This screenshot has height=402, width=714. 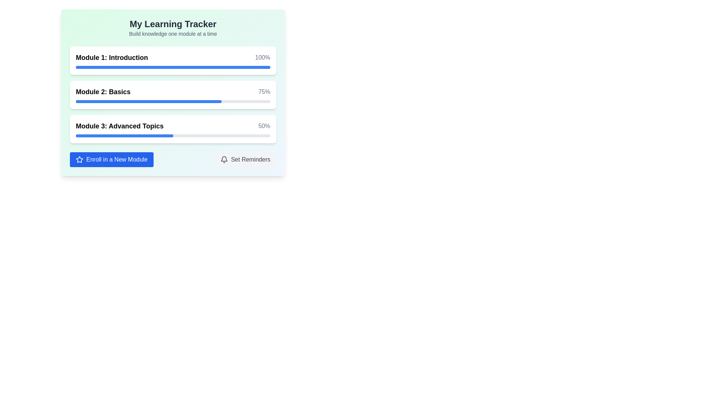 I want to click on text content of the bold text label displaying 'Module 1: Introduction' located in the header section of the first module in 'My Learning Tracker', so click(x=112, y=57).